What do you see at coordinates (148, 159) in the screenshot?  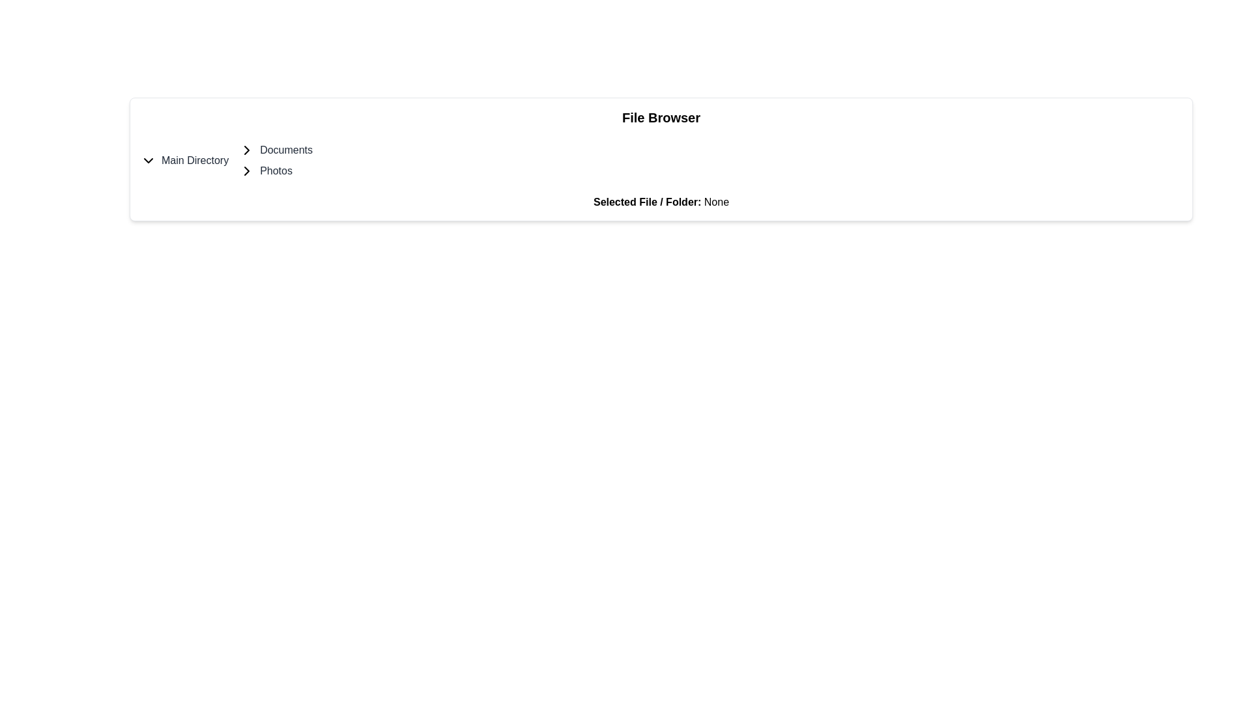 I see `the toggle button to the left of the 'Main Directory' text` at bounding box center [148, 159].